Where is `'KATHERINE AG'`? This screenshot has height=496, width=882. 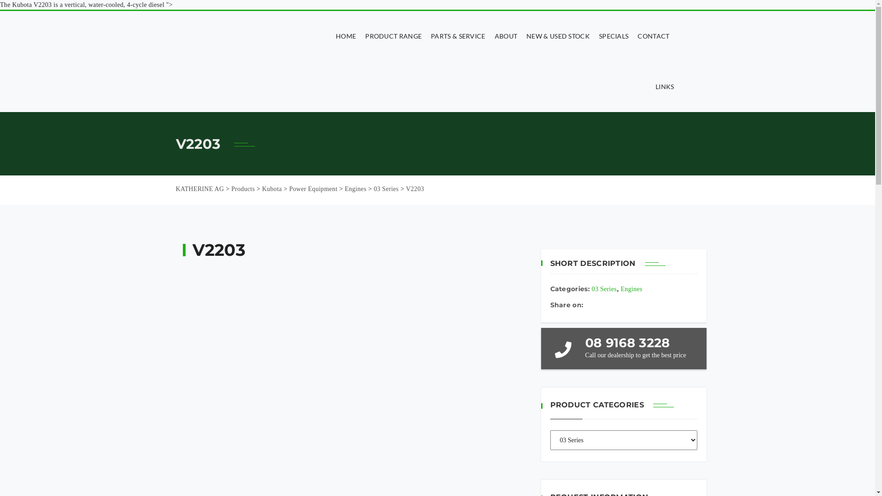
'KATHERINE AG' is located at coordinates (199, 188).